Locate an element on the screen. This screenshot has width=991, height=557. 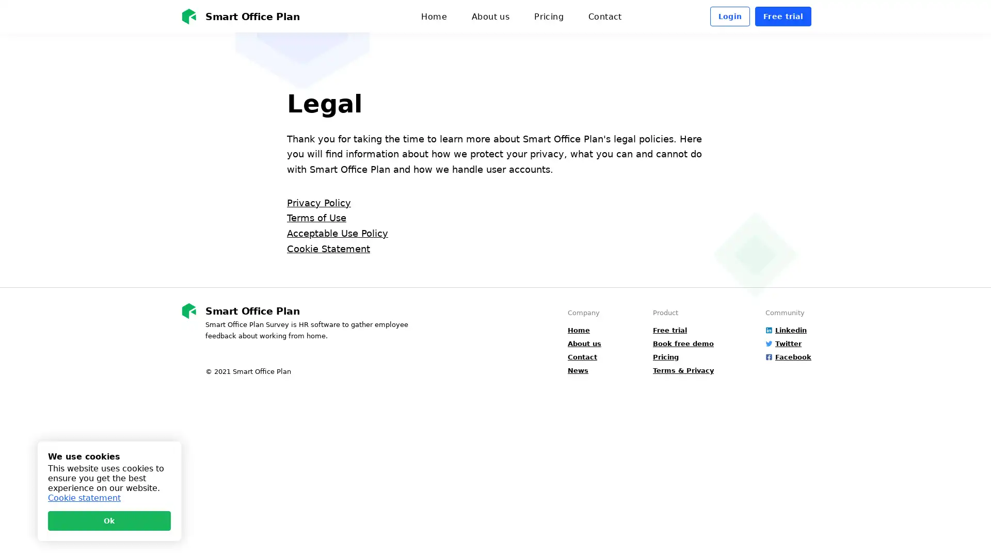
Ok is located at coordinates (109, 521).